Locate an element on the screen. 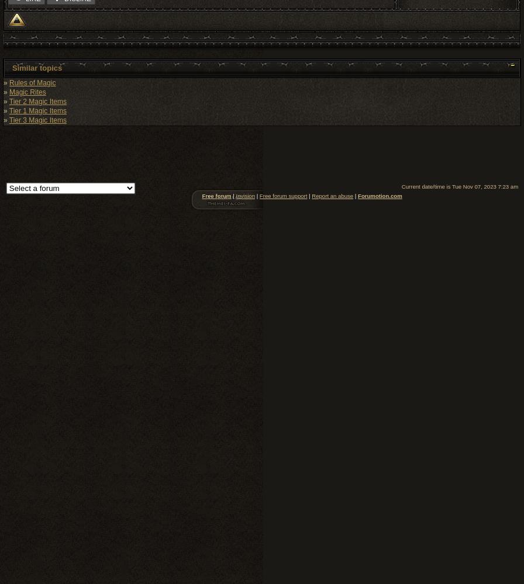  'Invision' is located at coordinates (245, 194).